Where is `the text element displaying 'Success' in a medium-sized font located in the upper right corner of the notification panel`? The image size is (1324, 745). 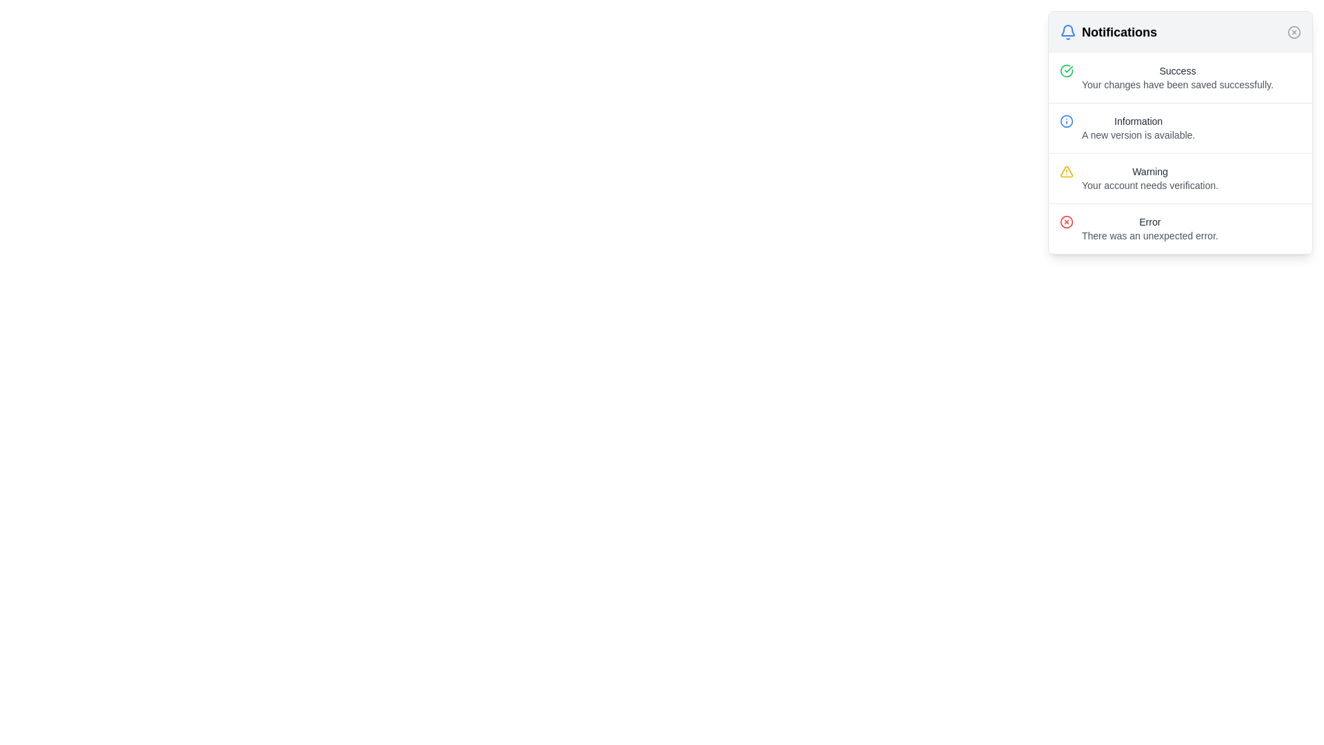 the text element displaying 'Success' in a medium-sized font located in the upper right corner of the notification panel is located at coordinates (1176, 71).